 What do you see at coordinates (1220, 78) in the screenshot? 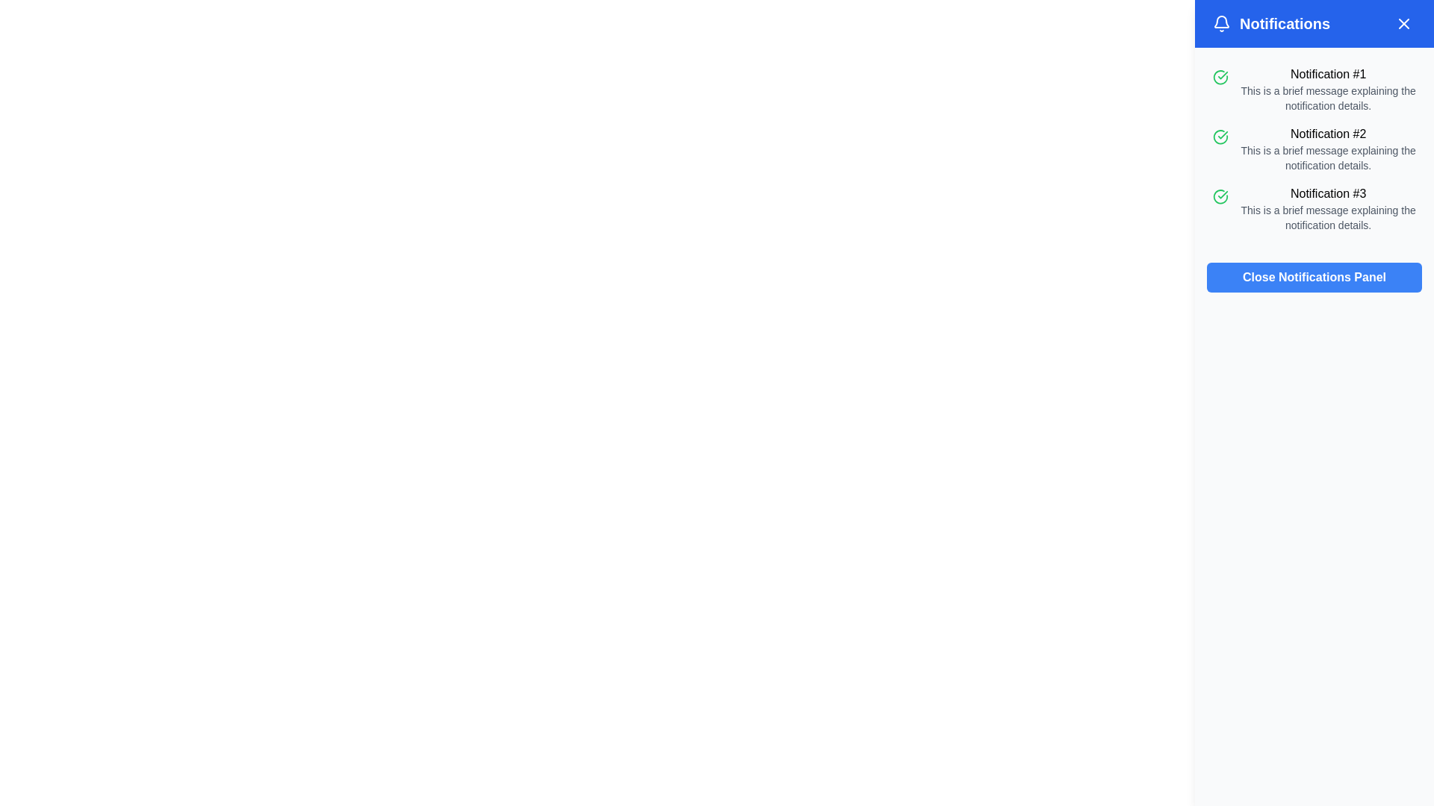
I see `the circular green icon with a check sign located beside the text content of 'Notification #1'` at bounding box center [1220, 78].